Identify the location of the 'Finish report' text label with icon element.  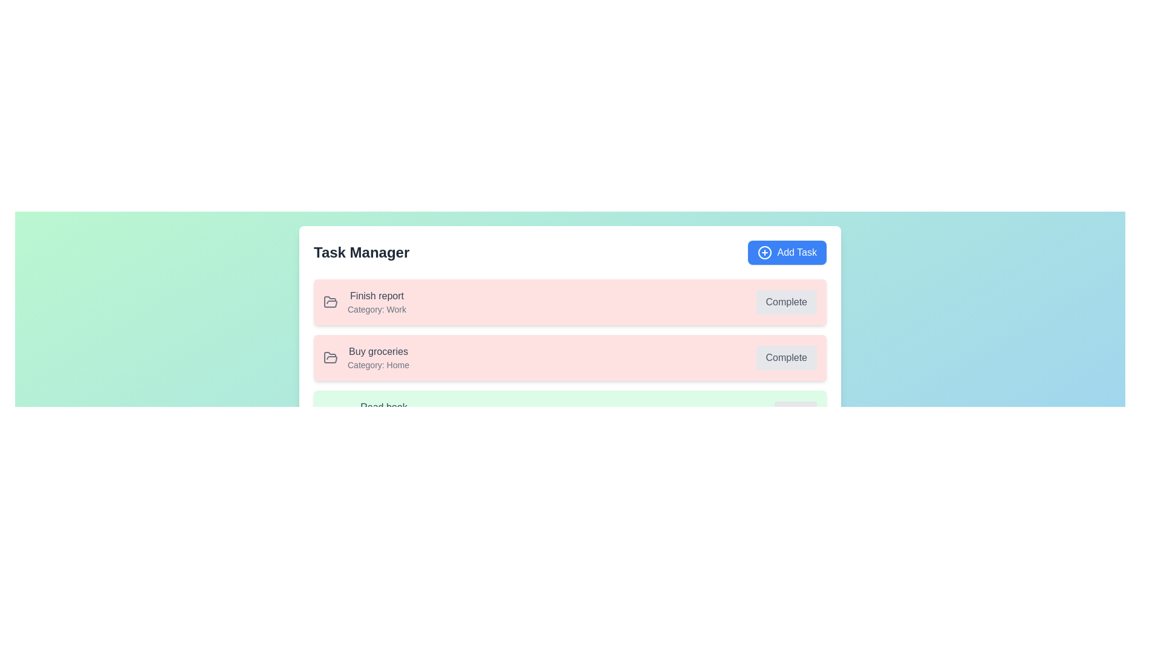
(364, 302).